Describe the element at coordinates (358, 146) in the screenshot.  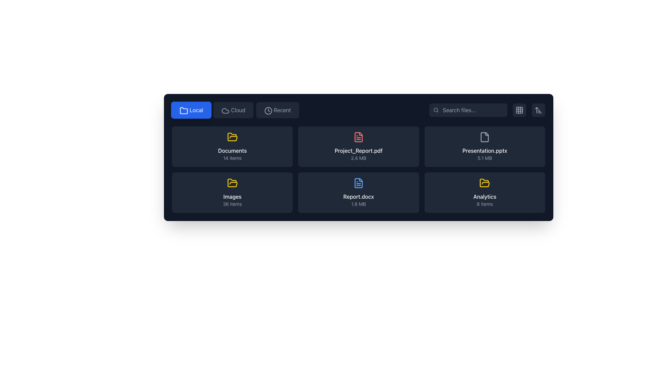
I see `the file display component labeled 'Project_Report.pdf' located in the second column and first row of the grid layout` at that location.